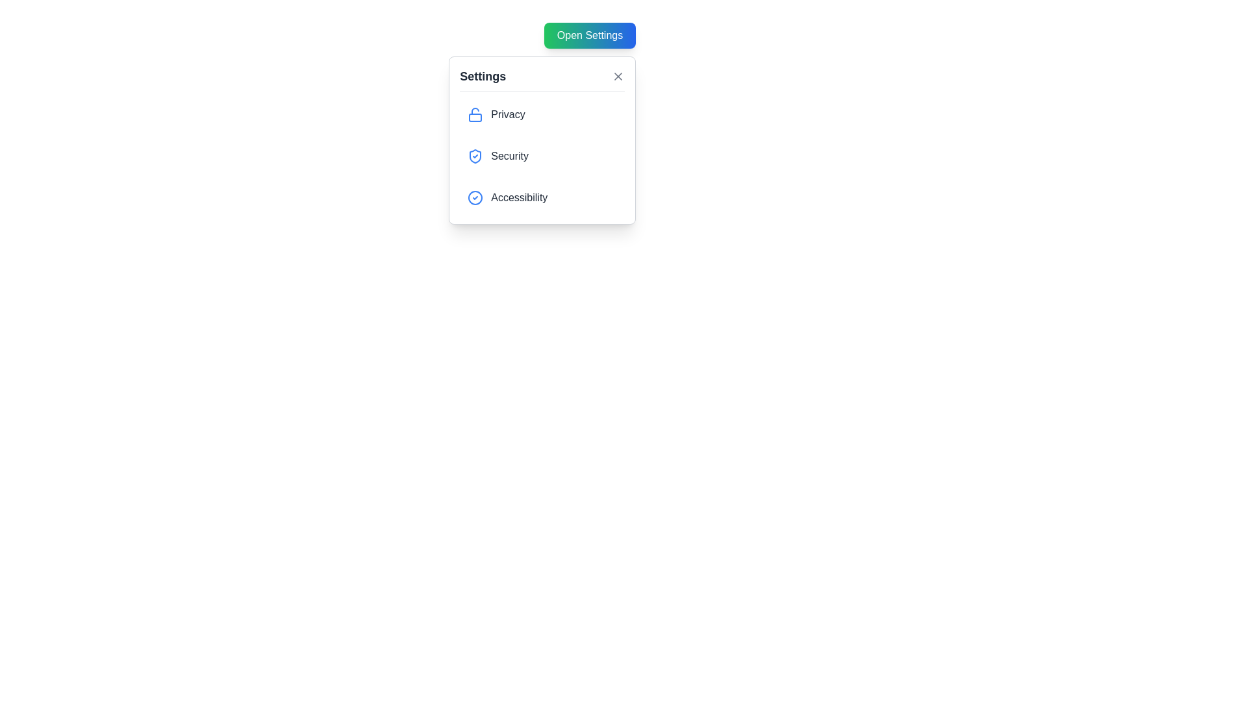 Image resolution: width=1247 pixels, height=701 pixels. I want to click on the 'Accessibility' label text, which is the third item in a vertical menu located beneath the 'Security' option, so click(518, 197).